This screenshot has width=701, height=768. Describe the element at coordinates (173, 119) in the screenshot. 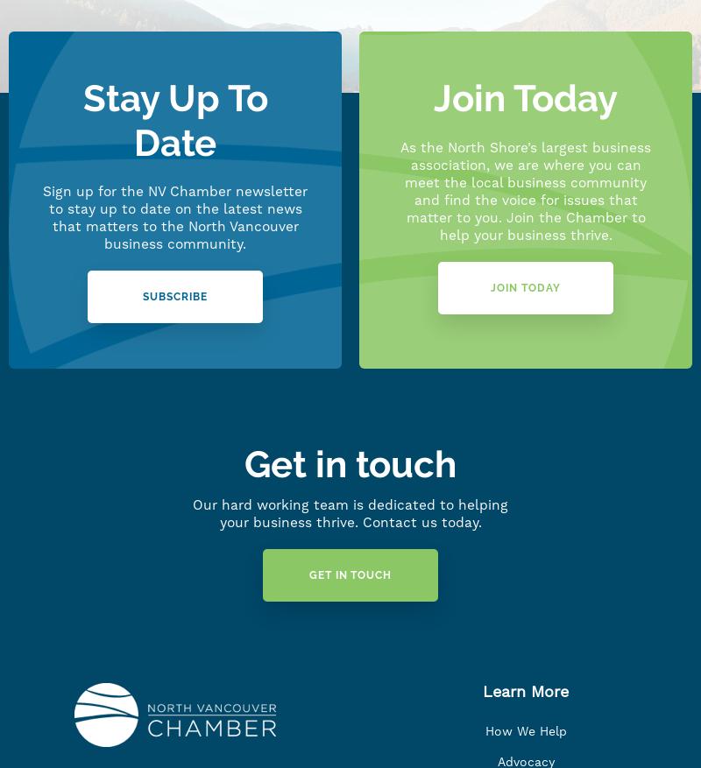

I see `'Stay Up To Date'` at that location.